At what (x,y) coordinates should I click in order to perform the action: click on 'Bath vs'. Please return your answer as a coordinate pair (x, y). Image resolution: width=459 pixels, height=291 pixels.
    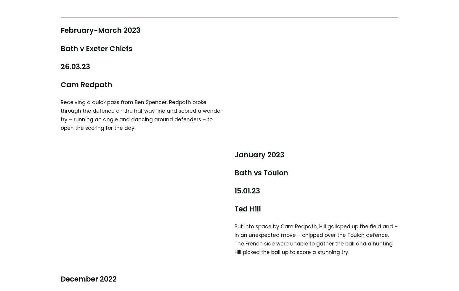
    Looking at the image, I should click on (249, 172).